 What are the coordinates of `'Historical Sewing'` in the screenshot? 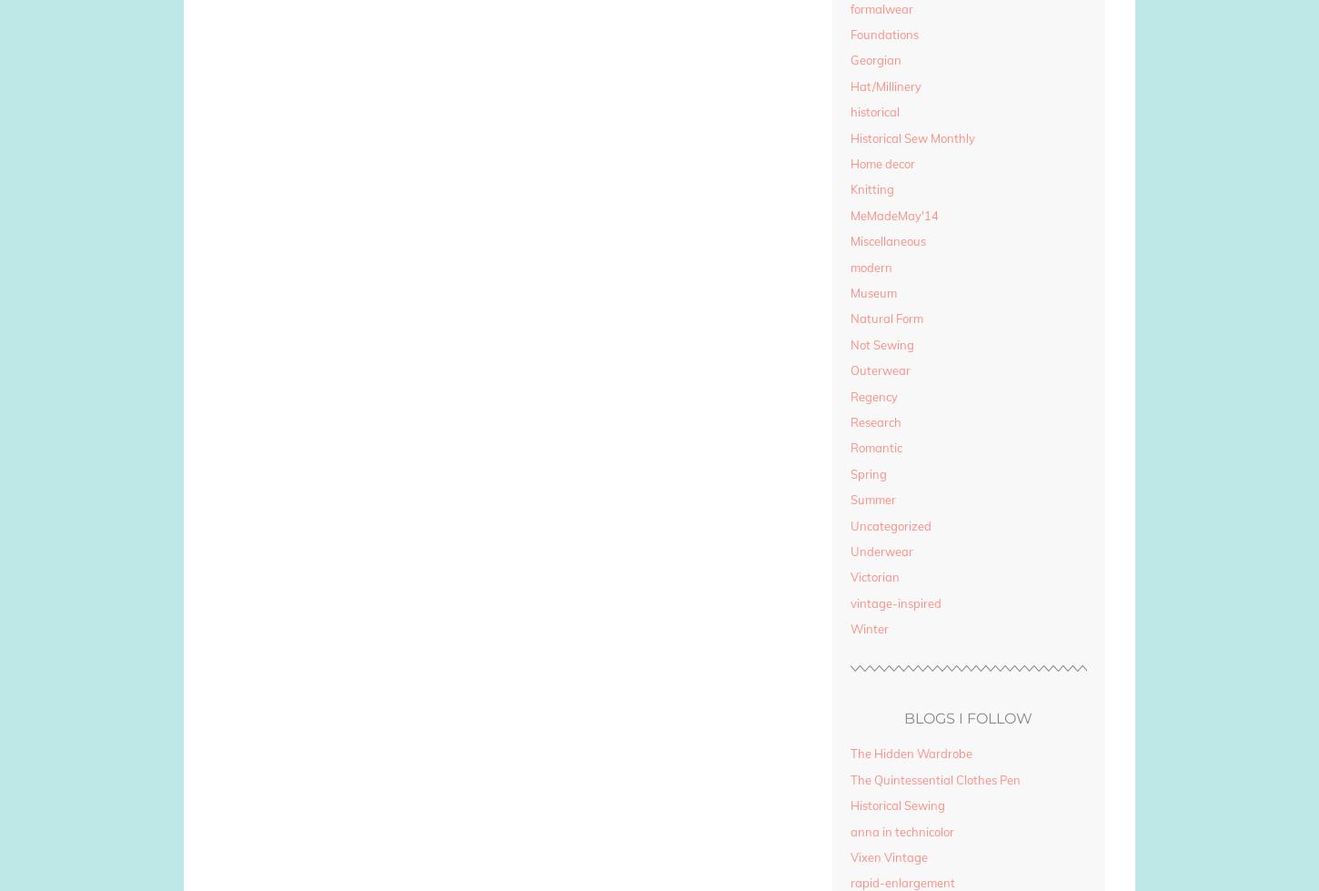 It's located at (897, 805).